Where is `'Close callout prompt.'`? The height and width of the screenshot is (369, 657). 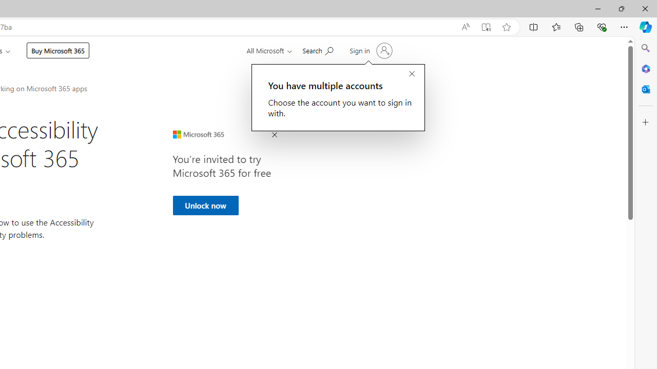 'Close callout prompt.' is located at coordinates (412, 74).